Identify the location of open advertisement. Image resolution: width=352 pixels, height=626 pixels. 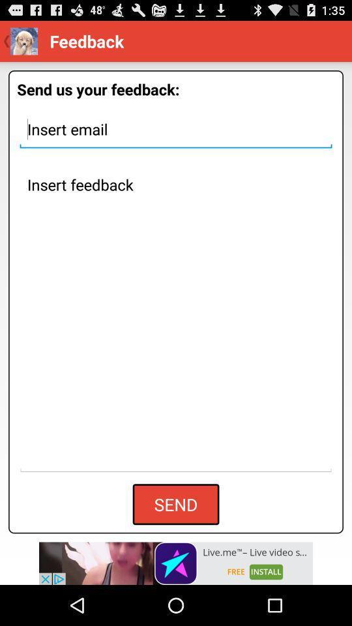
(176, 563).